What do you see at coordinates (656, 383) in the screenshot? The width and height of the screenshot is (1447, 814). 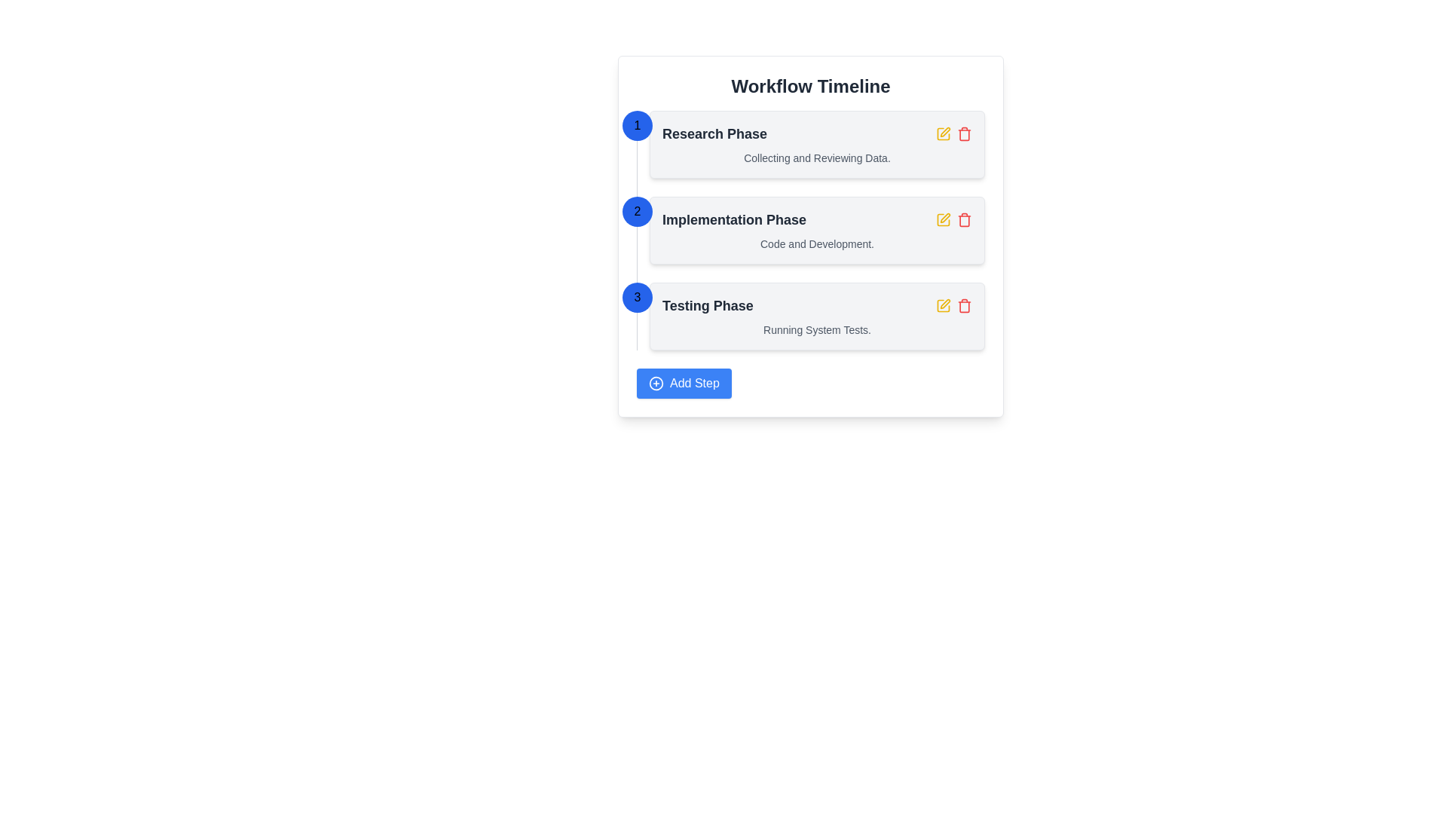 I see `the circular blue icon with a white plus symbol inside the 'Add Step' button located at the bottom-left of the workflow card` at bounding box center [656, 383].